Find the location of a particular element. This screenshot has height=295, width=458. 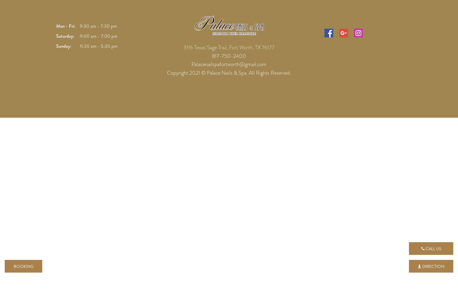

'3116 Texas Sage Trail,' is located at coordinates (205, 47).